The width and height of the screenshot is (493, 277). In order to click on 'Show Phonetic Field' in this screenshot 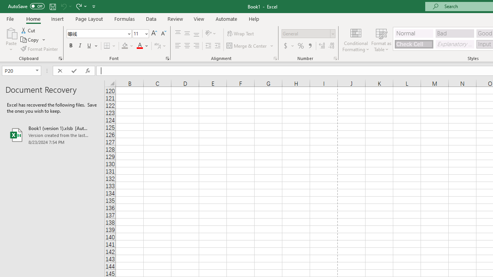, I will do `click(160, 46)`.